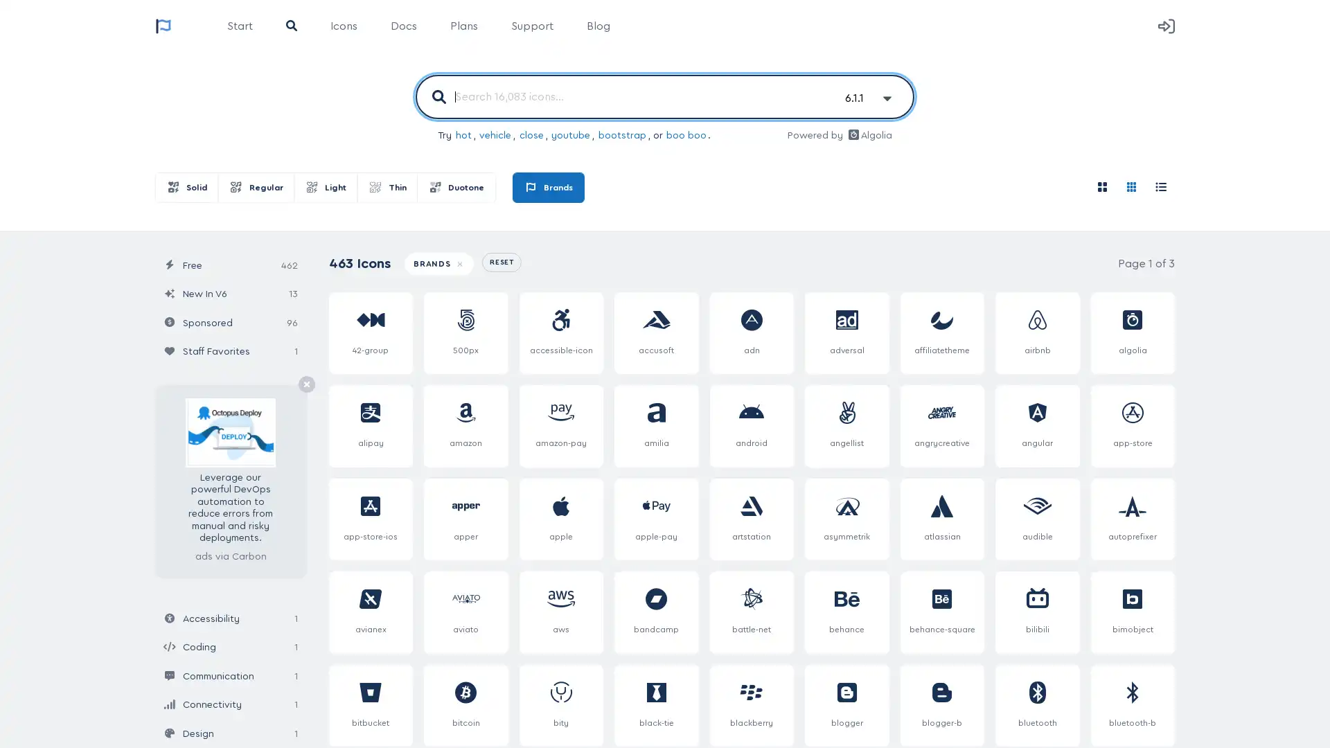 The height and width of the screenshot is (748, 1330). What do you see at coordinates (621, 136) in the screenshot?
I see `bootstrap` at bounding box center [621, 136].